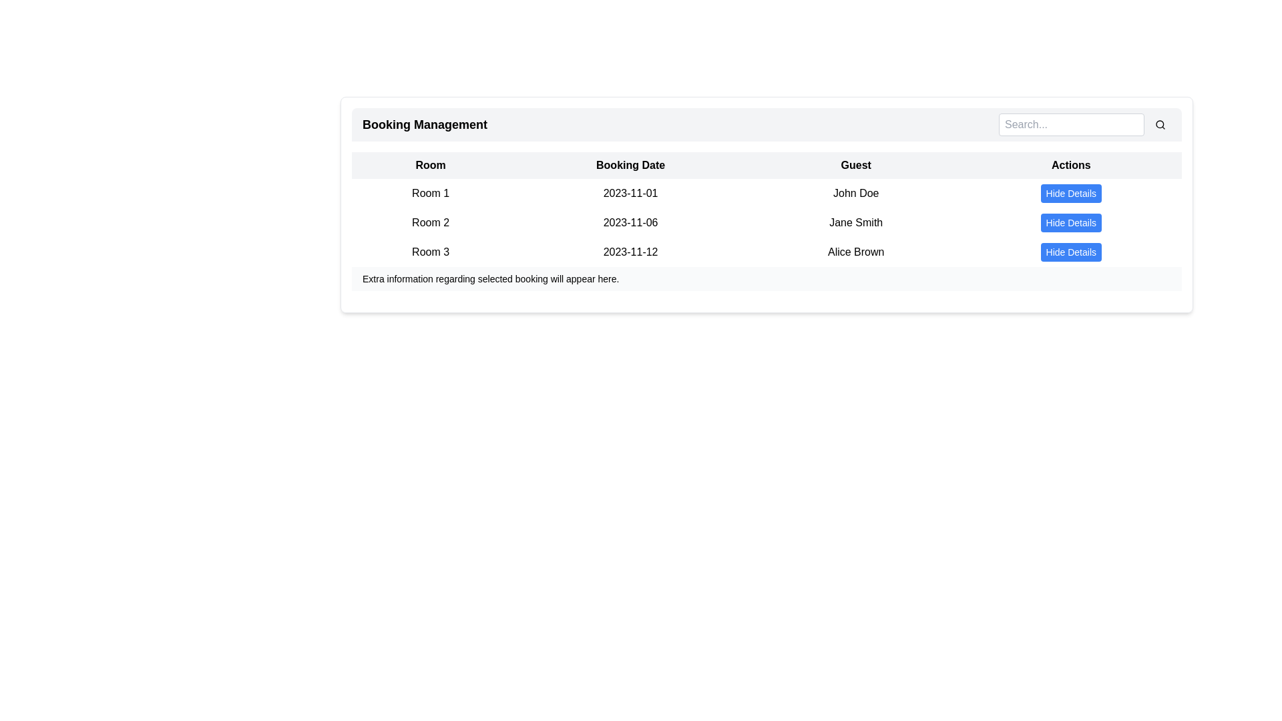 Image resolution: width=1282 pixels, height=721 pixels. I want to click on the text label displaying the date '2023-11-12' located under the 'Booking Date' column in the last row of the table associated with 'Room 3' and 'Alice Brown', so click(630, 252).